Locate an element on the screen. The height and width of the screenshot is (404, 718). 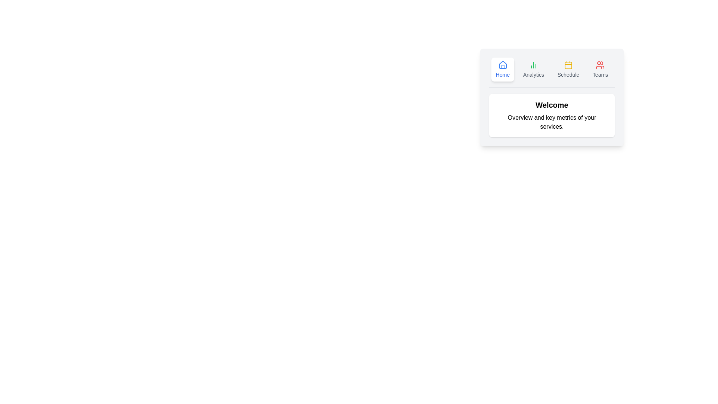
the 'Schedule' icon in the navigation menu is located at coordinates (568, 64).